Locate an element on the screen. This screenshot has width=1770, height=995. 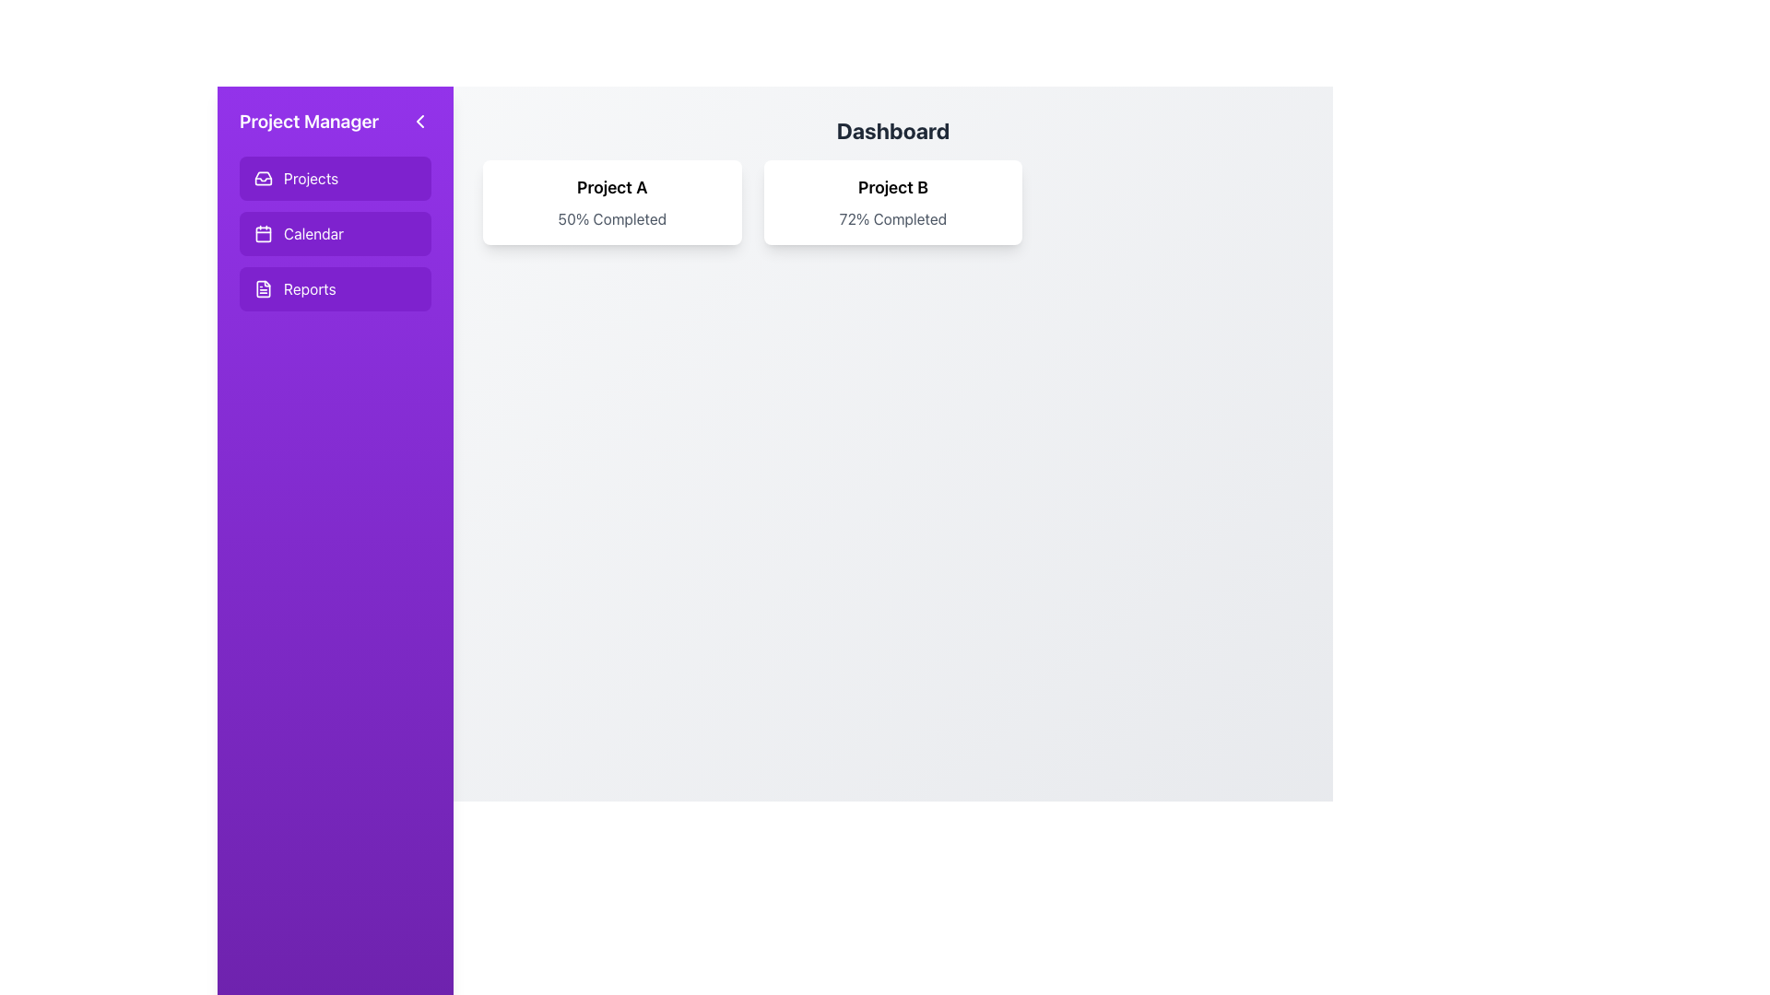
the text label displaying 'Project Manager' in bold, extra-large white font at the top of the purple sidebar is located at coordinates (309, 121).